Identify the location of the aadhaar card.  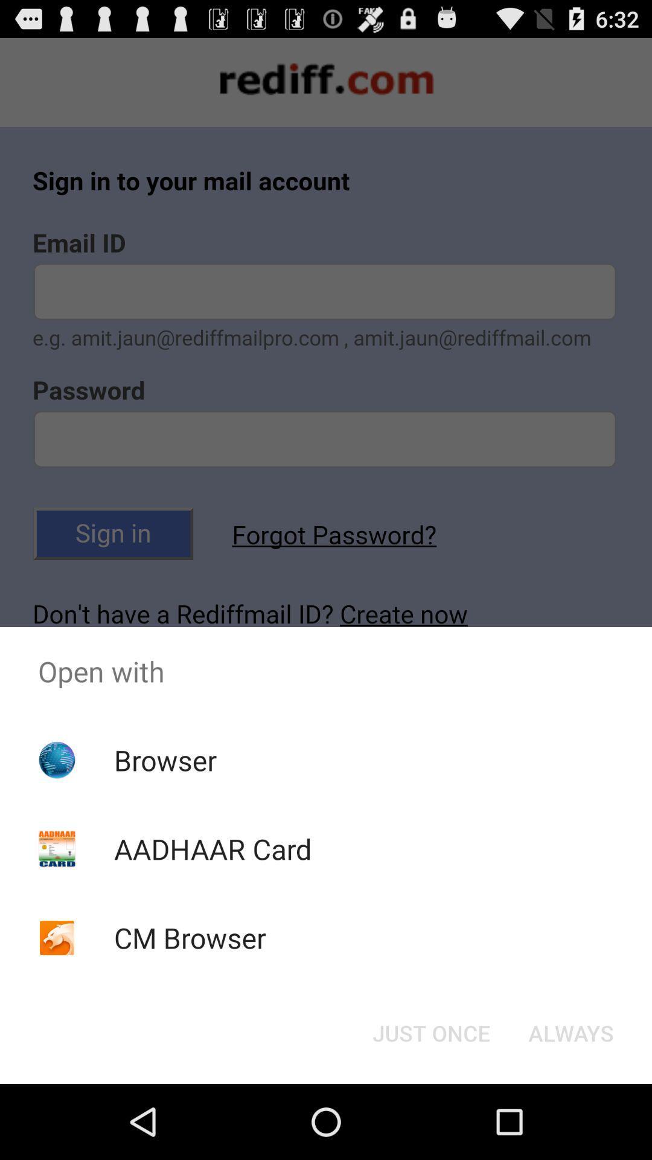
(212, 848).